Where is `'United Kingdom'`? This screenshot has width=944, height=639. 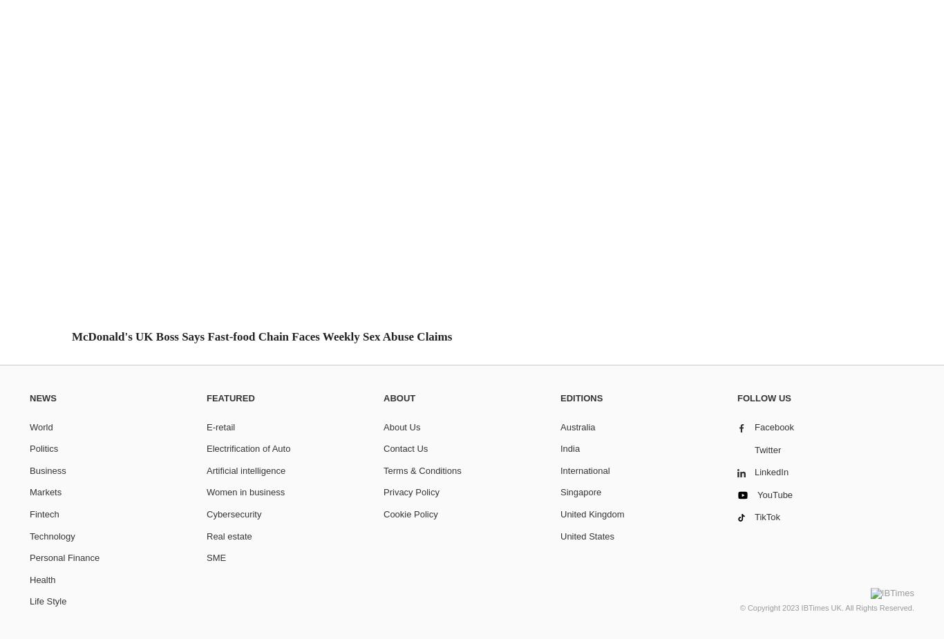 'United Kingdom' is located at coordinates (592, 514).